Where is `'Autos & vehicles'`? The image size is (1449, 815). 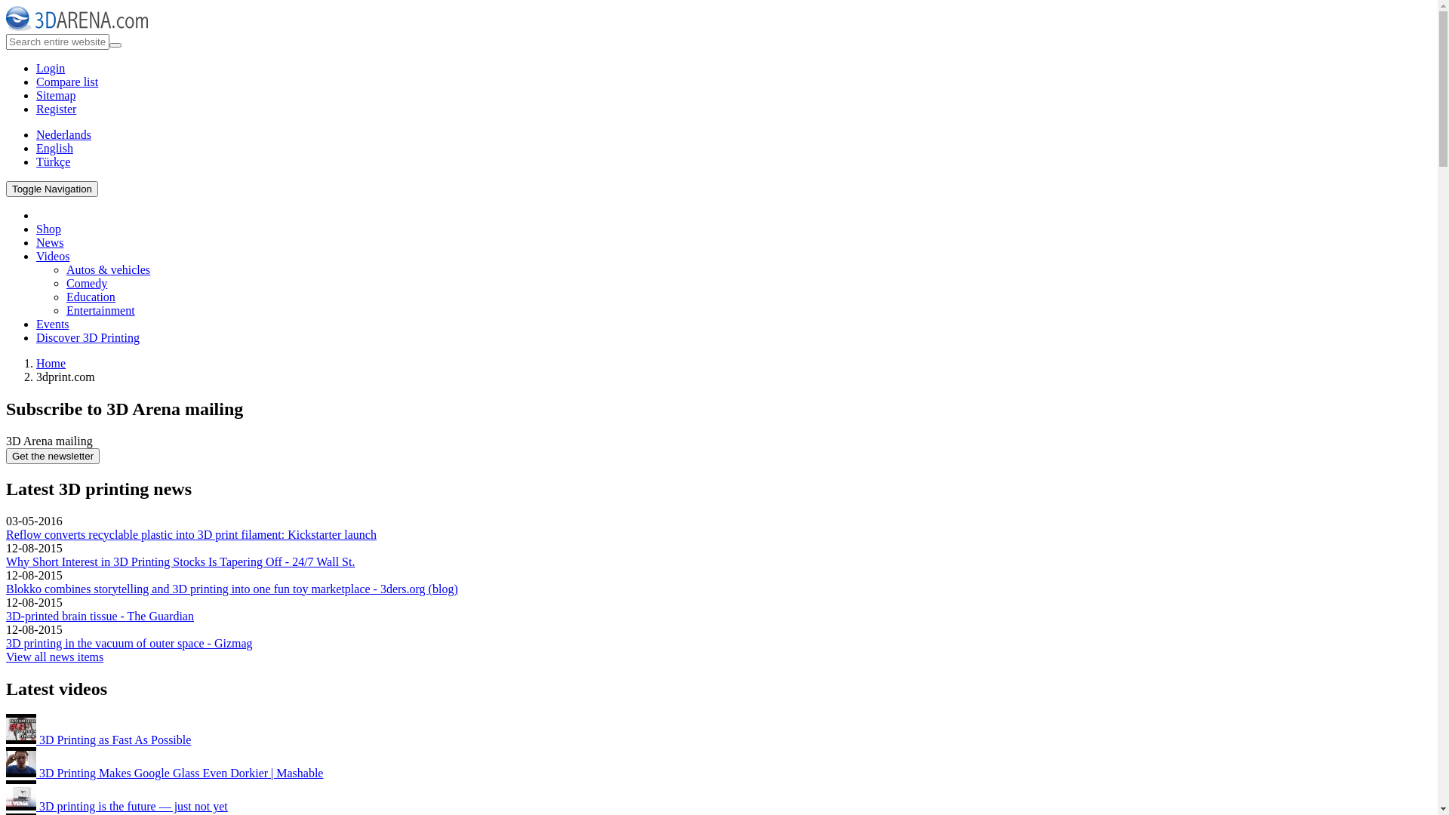 'Autos & vehicles' is located at coordinates (107, 269).